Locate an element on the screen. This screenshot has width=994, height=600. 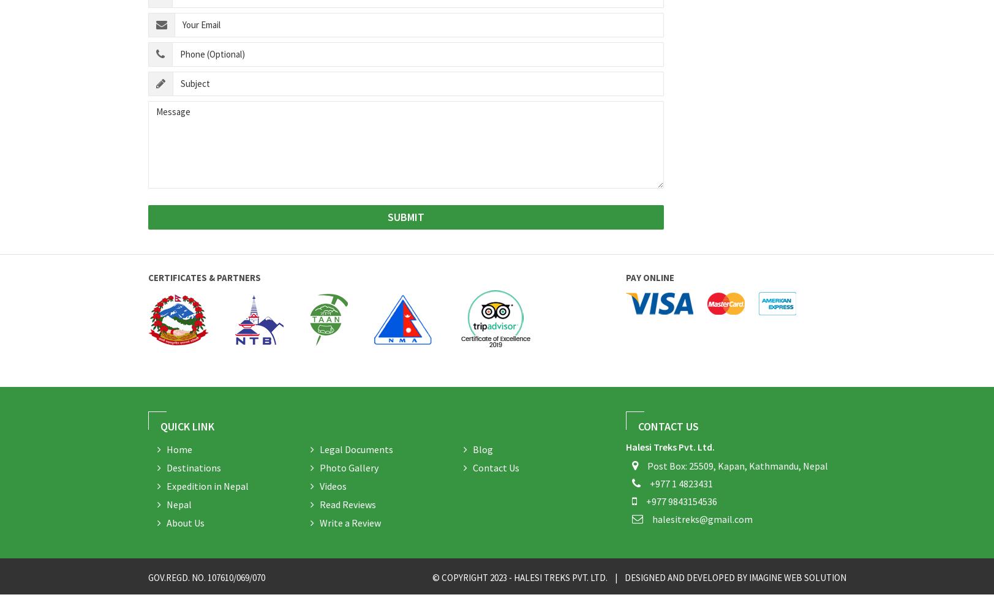
'Blog' is located at coordinates (482, 449).